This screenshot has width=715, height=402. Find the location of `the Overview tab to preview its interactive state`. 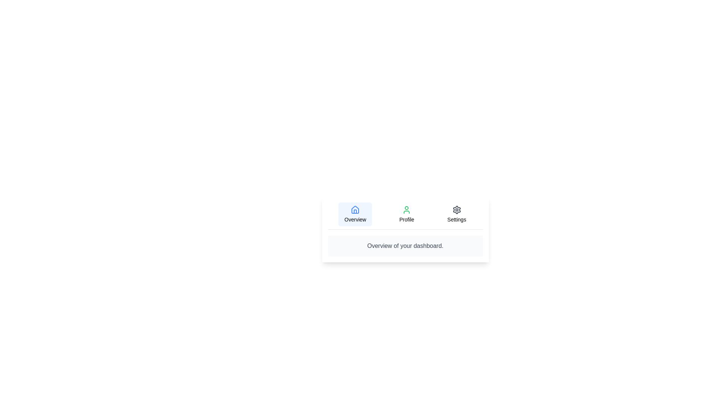

the Overview tab to preview its interactive state is located at coordinates (355, 214).